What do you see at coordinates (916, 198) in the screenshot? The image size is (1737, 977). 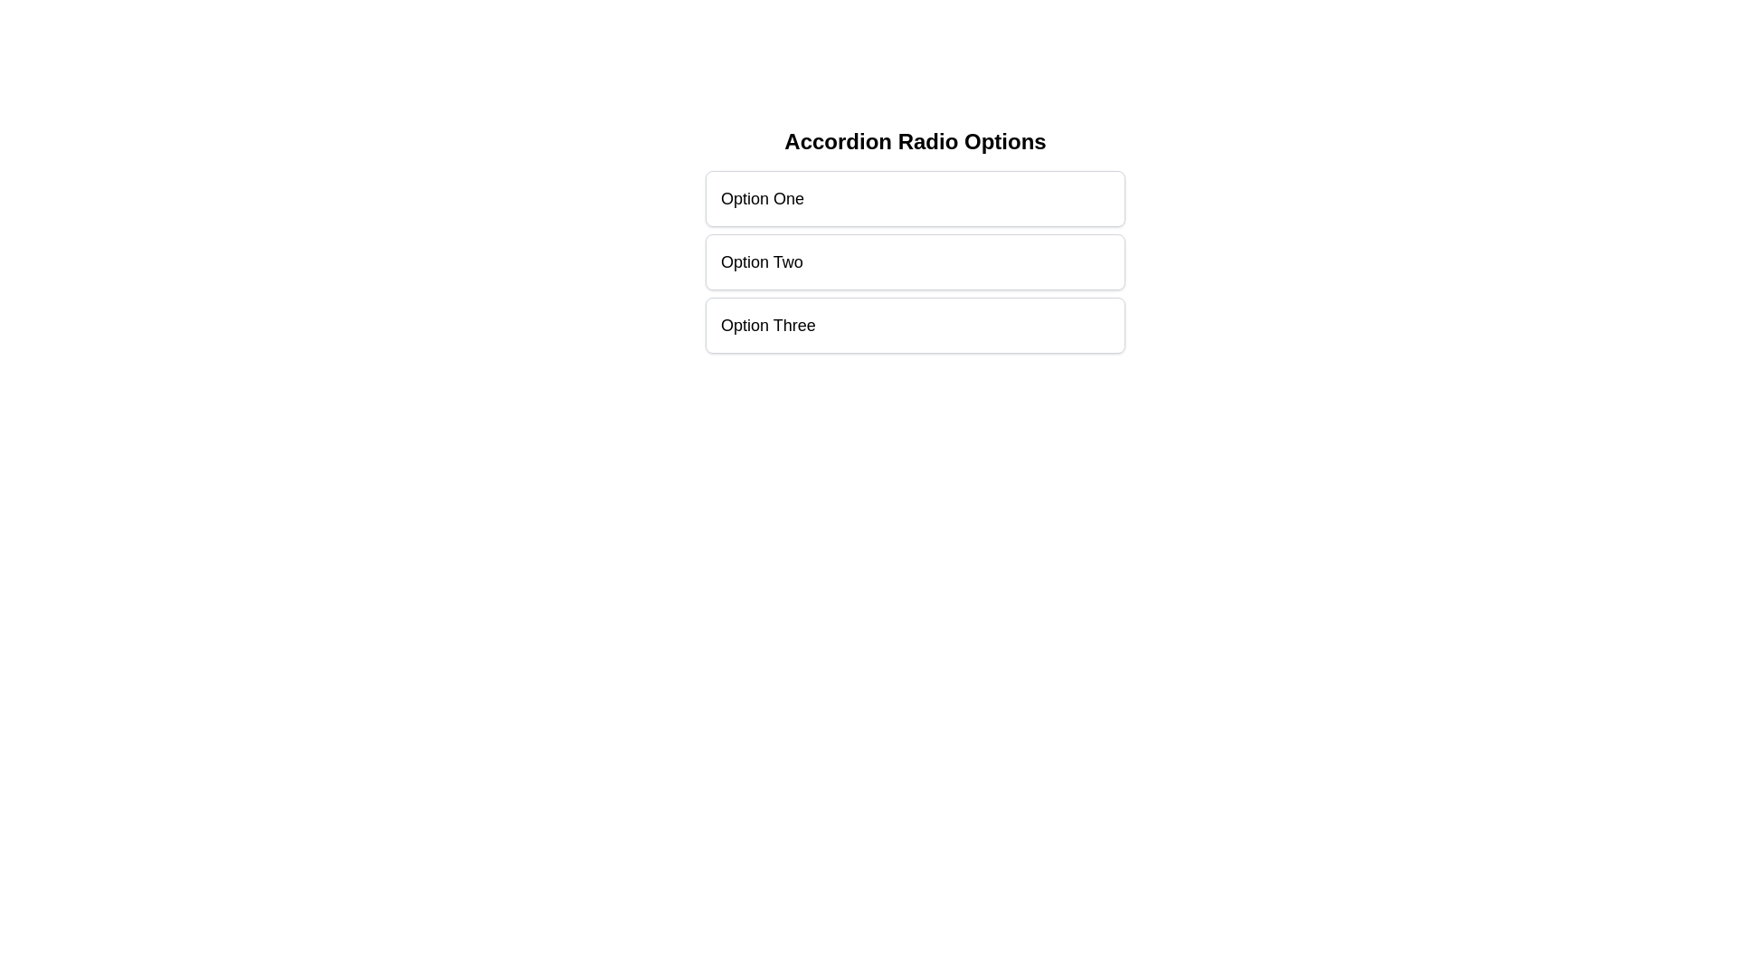 I see `the interactive list item labeled 'Option One', which is the top-most item in the group of options under 'Accordion Radio Options'` at bounding box center [916, 198].